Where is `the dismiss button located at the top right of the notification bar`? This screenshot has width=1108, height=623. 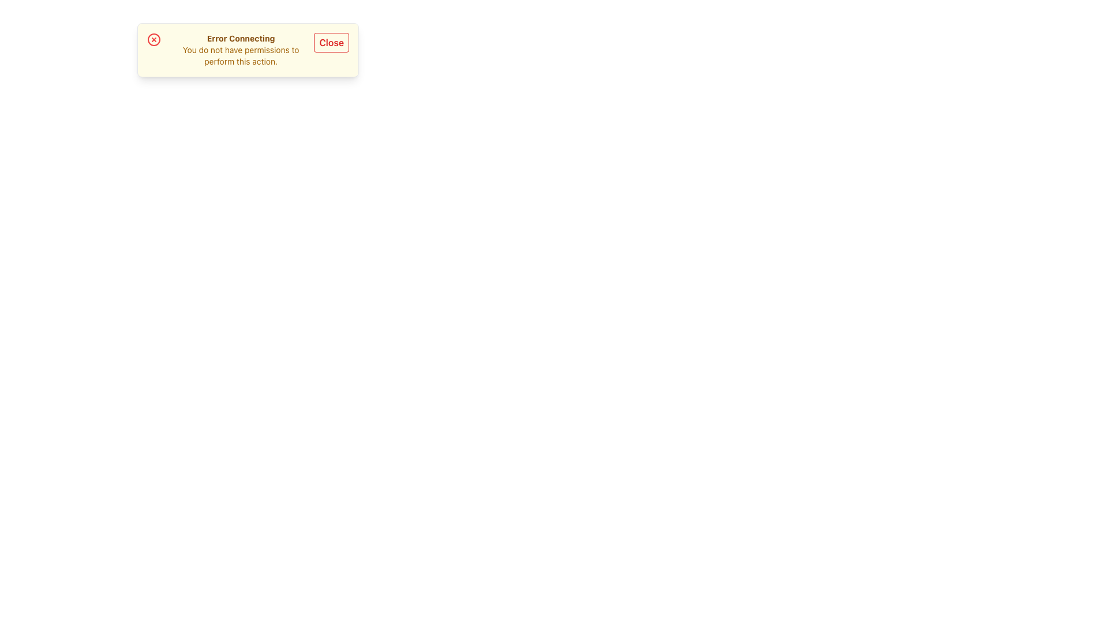 the dismiss button located at the top right of the notification bar is located at coordinates (331, 50).